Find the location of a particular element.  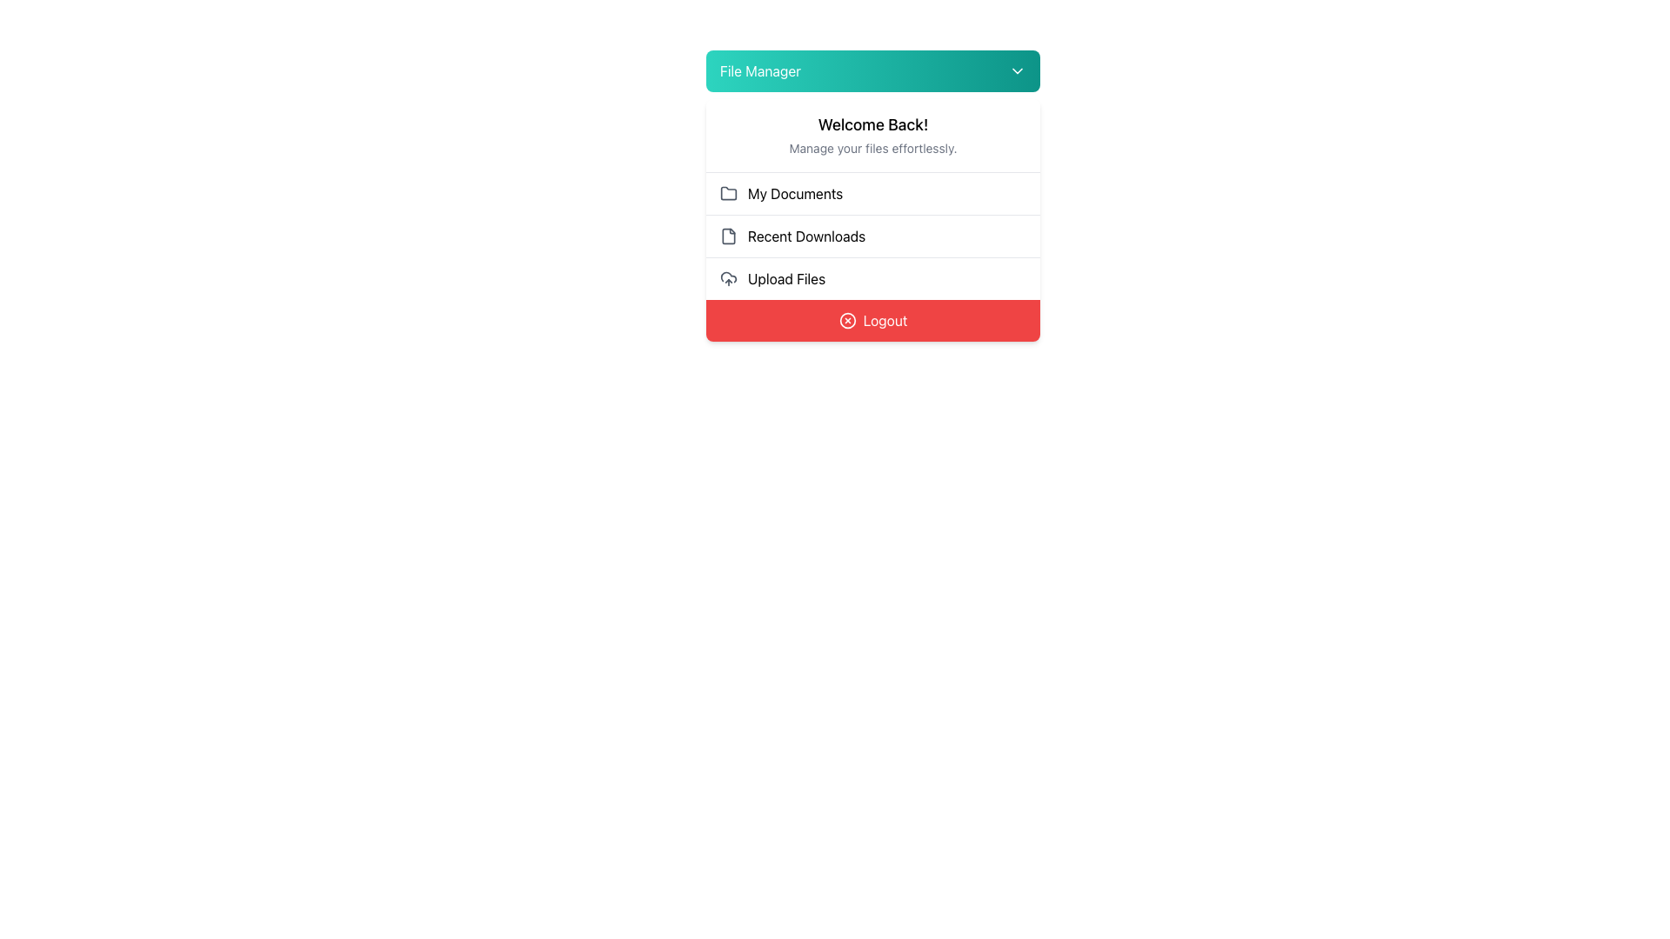

the SVG Icon resembling a document or file, which is positioned to the left of the 'Recent Downloads' text is located at coordinates (729, 236).